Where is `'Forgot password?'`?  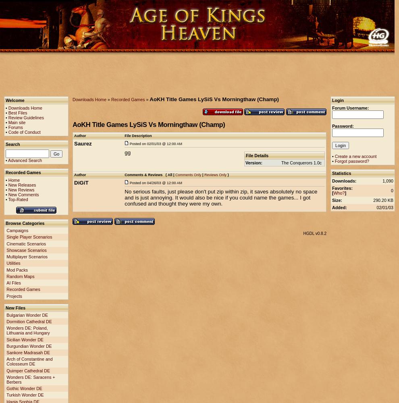
'Forgot password?' is located at coordinates (334, 161).